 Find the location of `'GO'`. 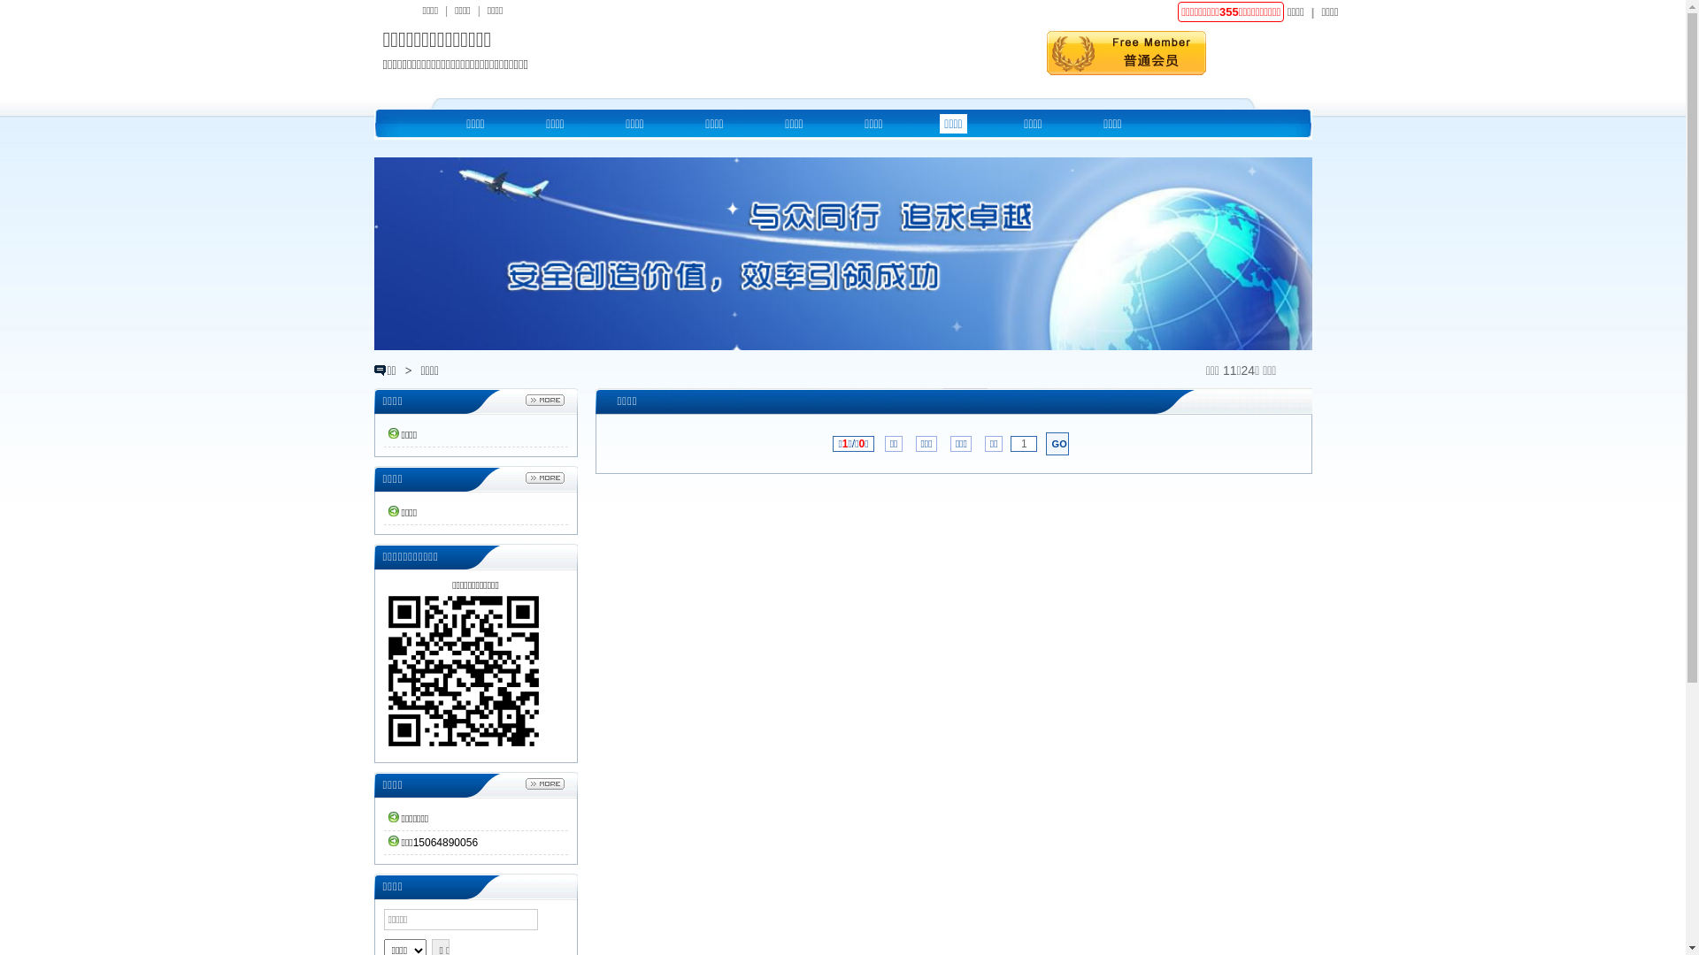

'GO' is located at coordinates (1057, 442).